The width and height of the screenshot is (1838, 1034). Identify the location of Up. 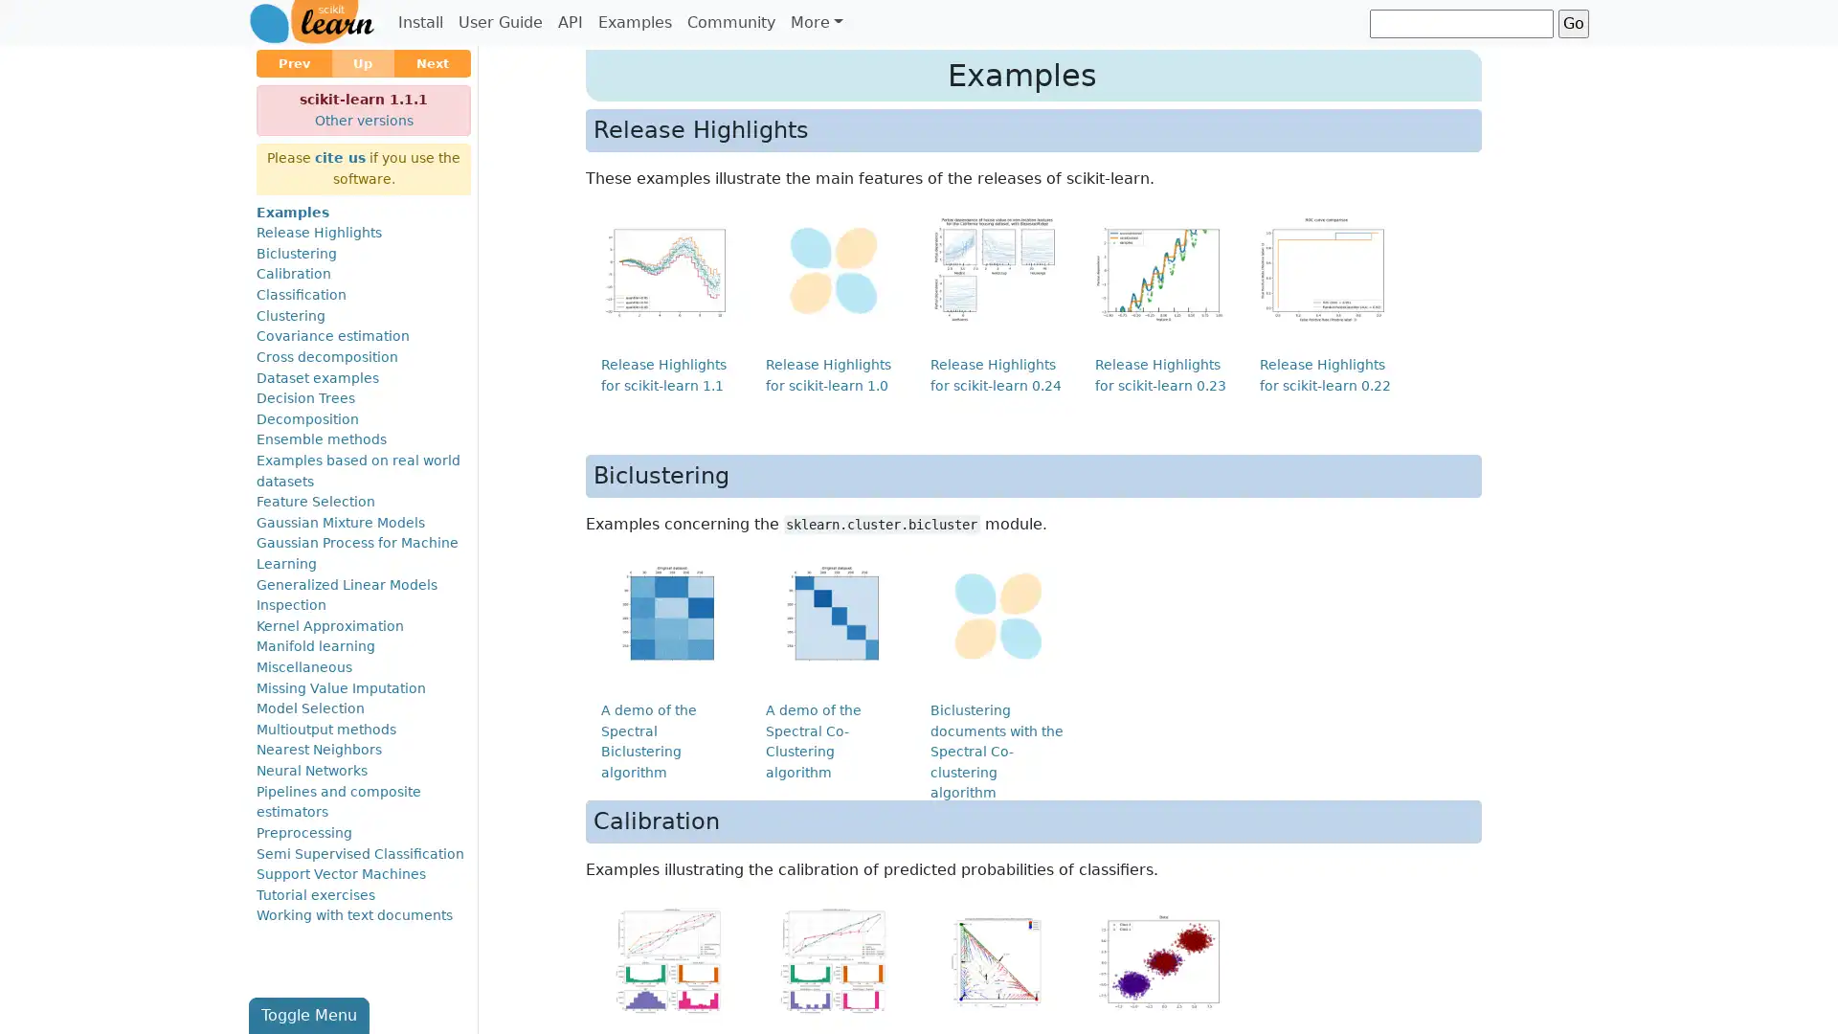
(363, 62).